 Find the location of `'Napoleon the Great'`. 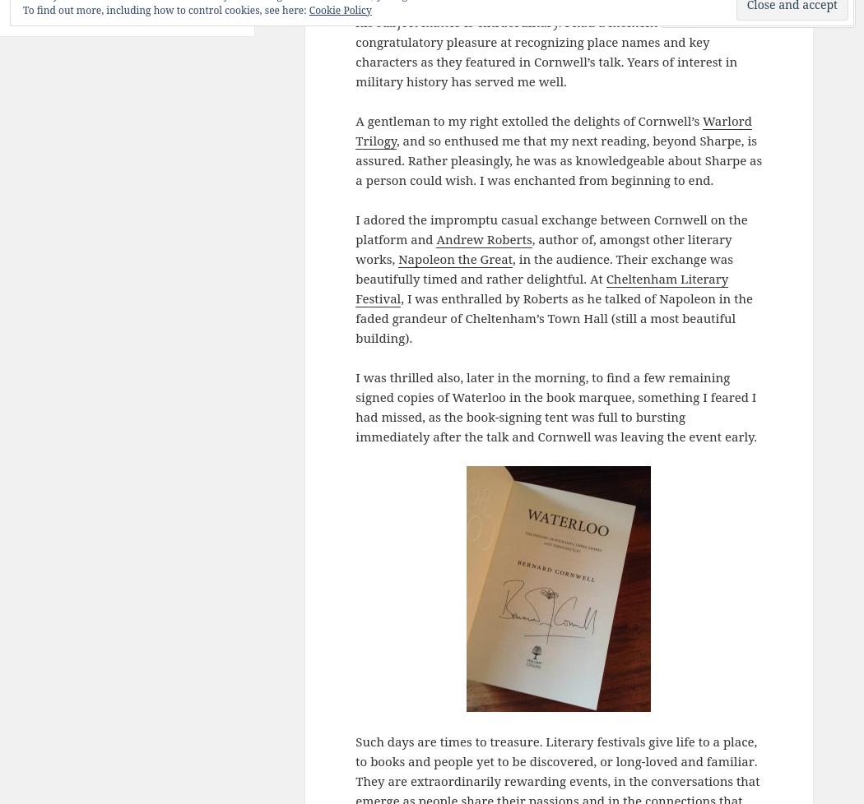

'Napoleon the Great' is located at coordinates (455, 257).